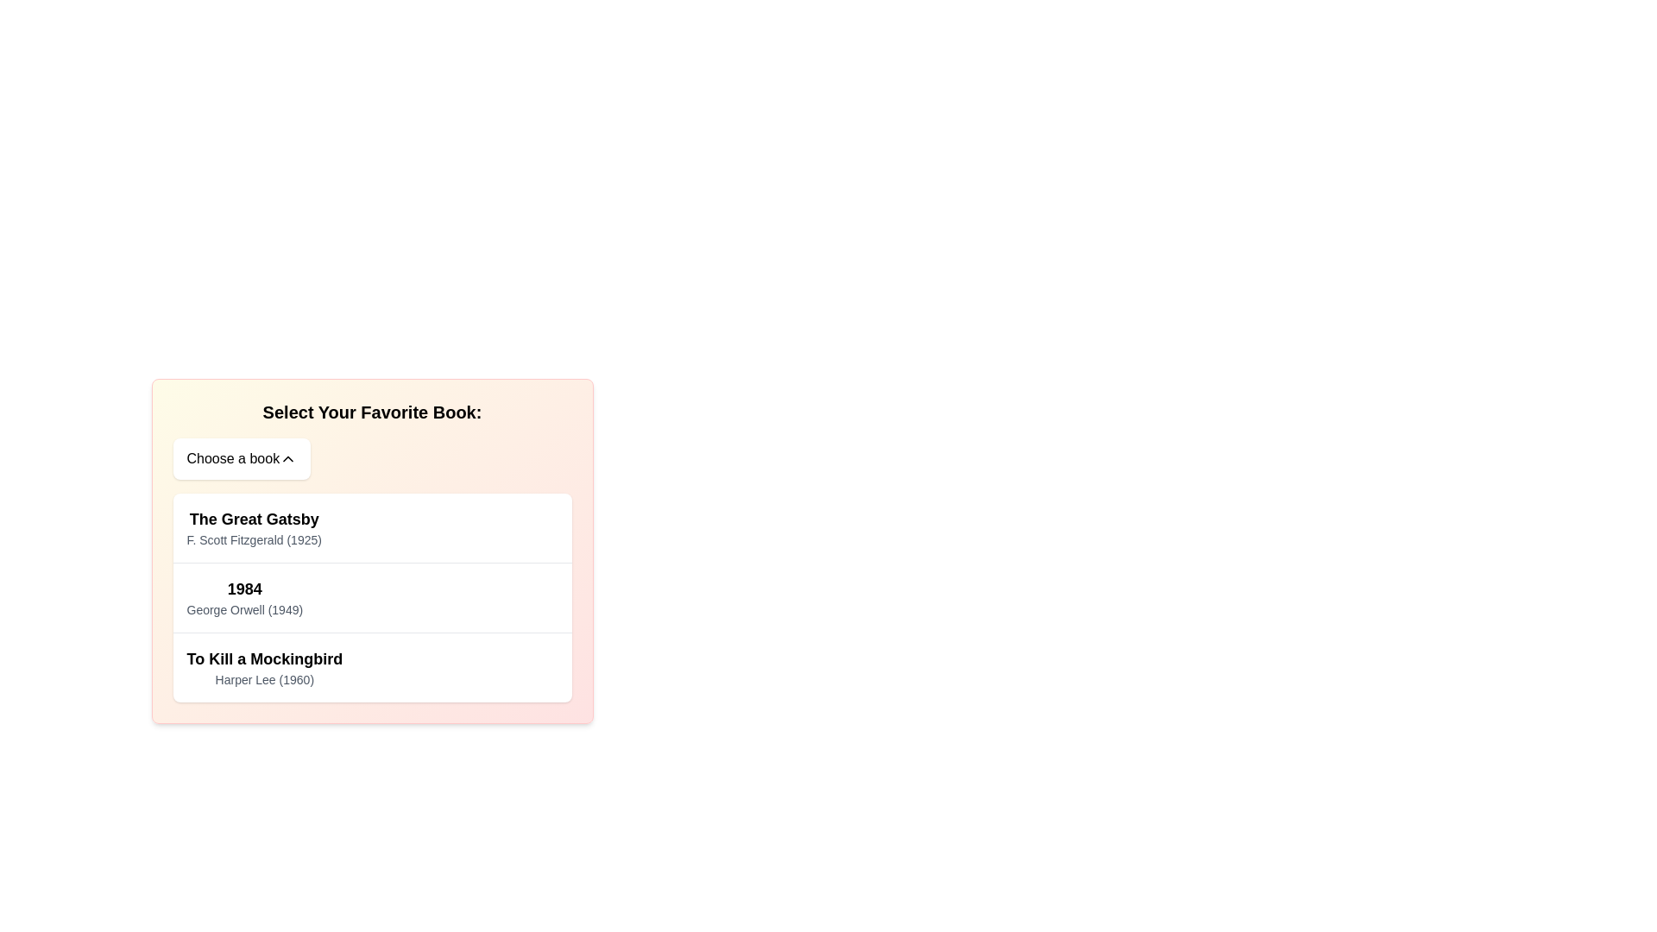  Describe the element at coordinates (371, 596) in the screenshot. I see `the book selection item for '1984' by George Orwell, the second item in the list` at that location.